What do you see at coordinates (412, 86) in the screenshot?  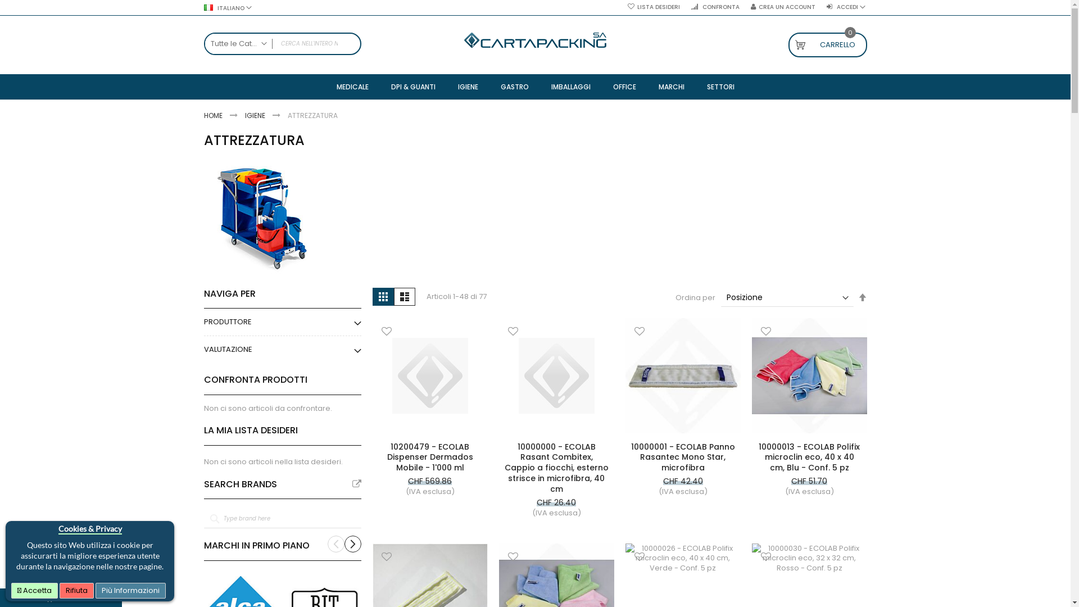 I see `'DPI & GUANTI'` at bounding box center [412, 86].